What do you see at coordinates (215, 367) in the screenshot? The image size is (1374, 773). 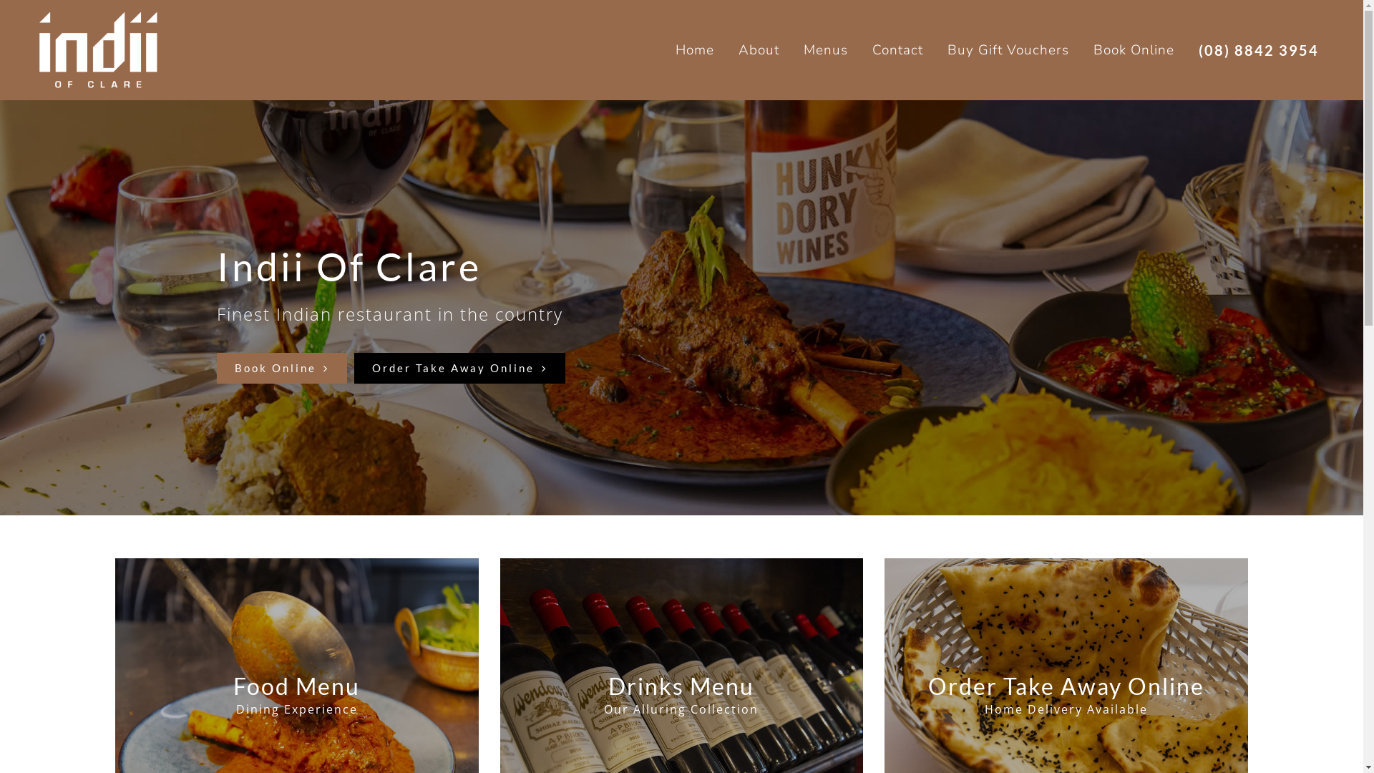 I see `'Book Online'` at bounding box center [215, 367].